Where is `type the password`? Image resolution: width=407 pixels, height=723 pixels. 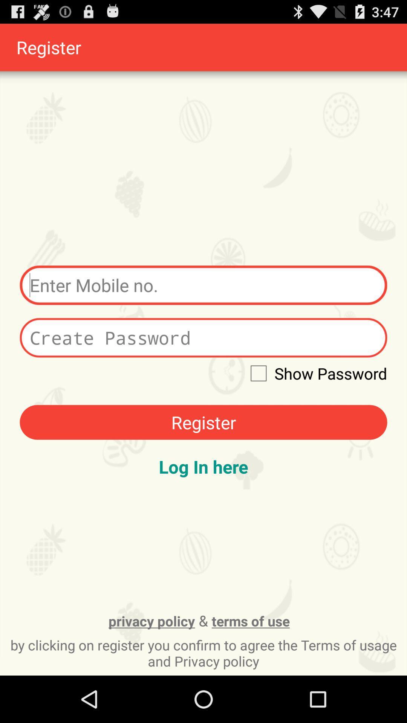 type the password is located at coordinates (203, 337).